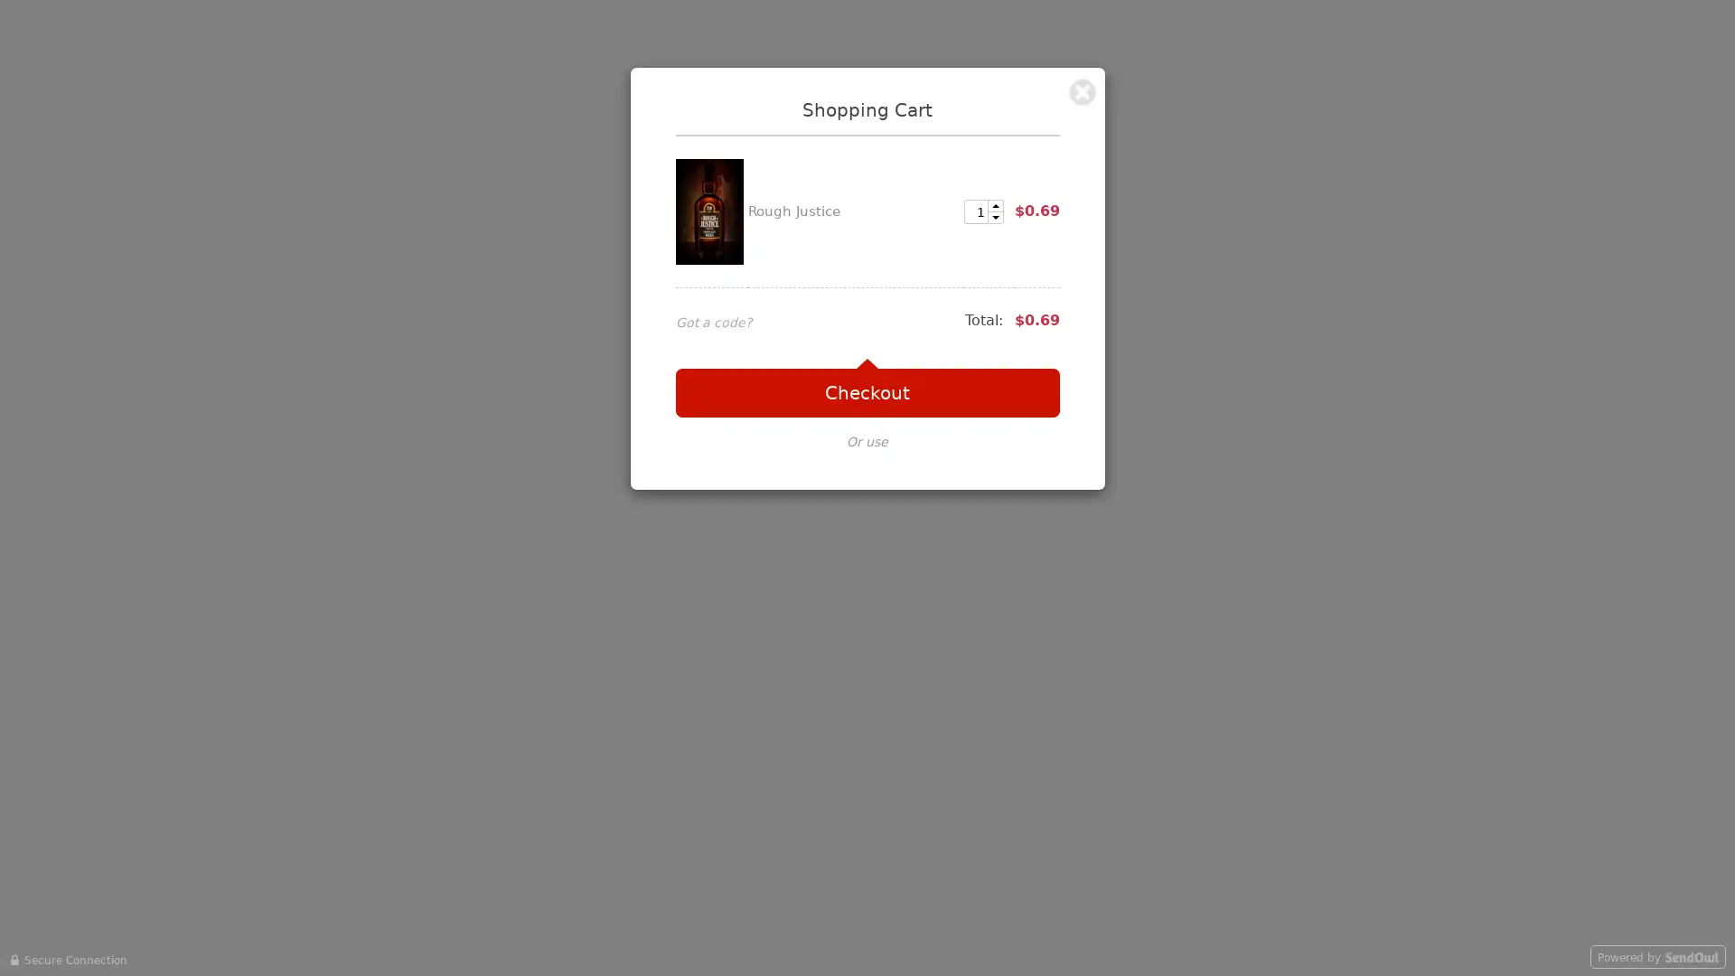 This screenshot has width=1735, height=976. I want to click on Checkout, so click(866, 392).